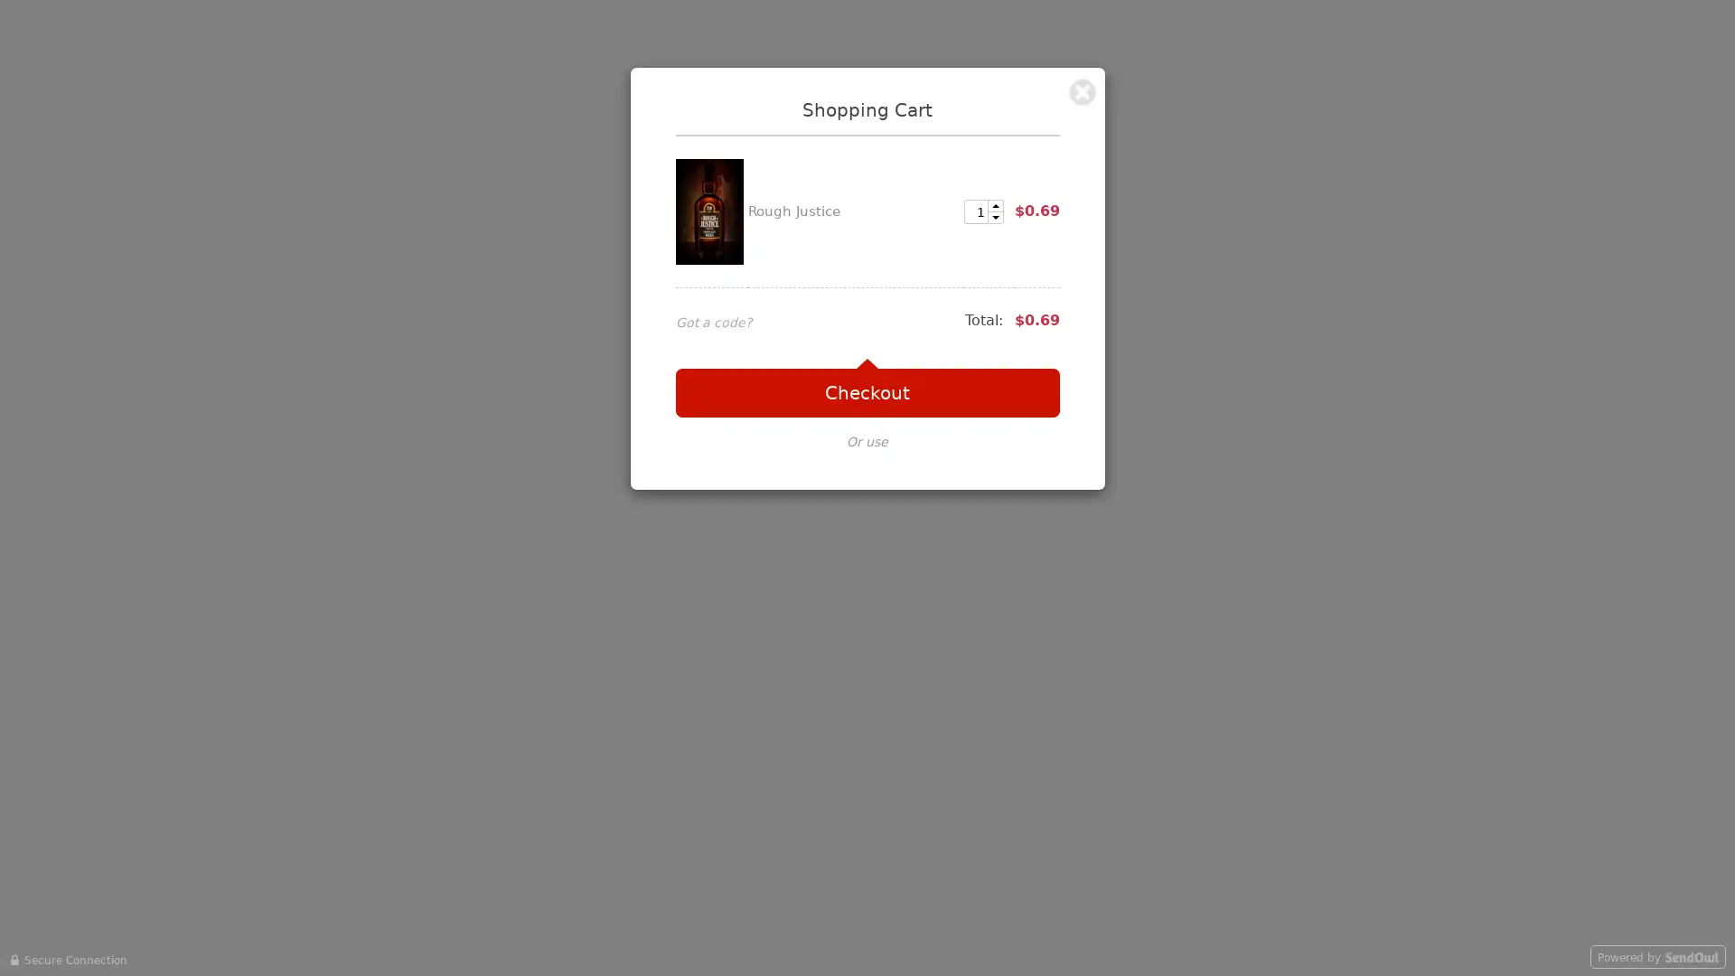 This screenshot has width=1735, height=976. I want to click on Checkout, so click(866, 392).